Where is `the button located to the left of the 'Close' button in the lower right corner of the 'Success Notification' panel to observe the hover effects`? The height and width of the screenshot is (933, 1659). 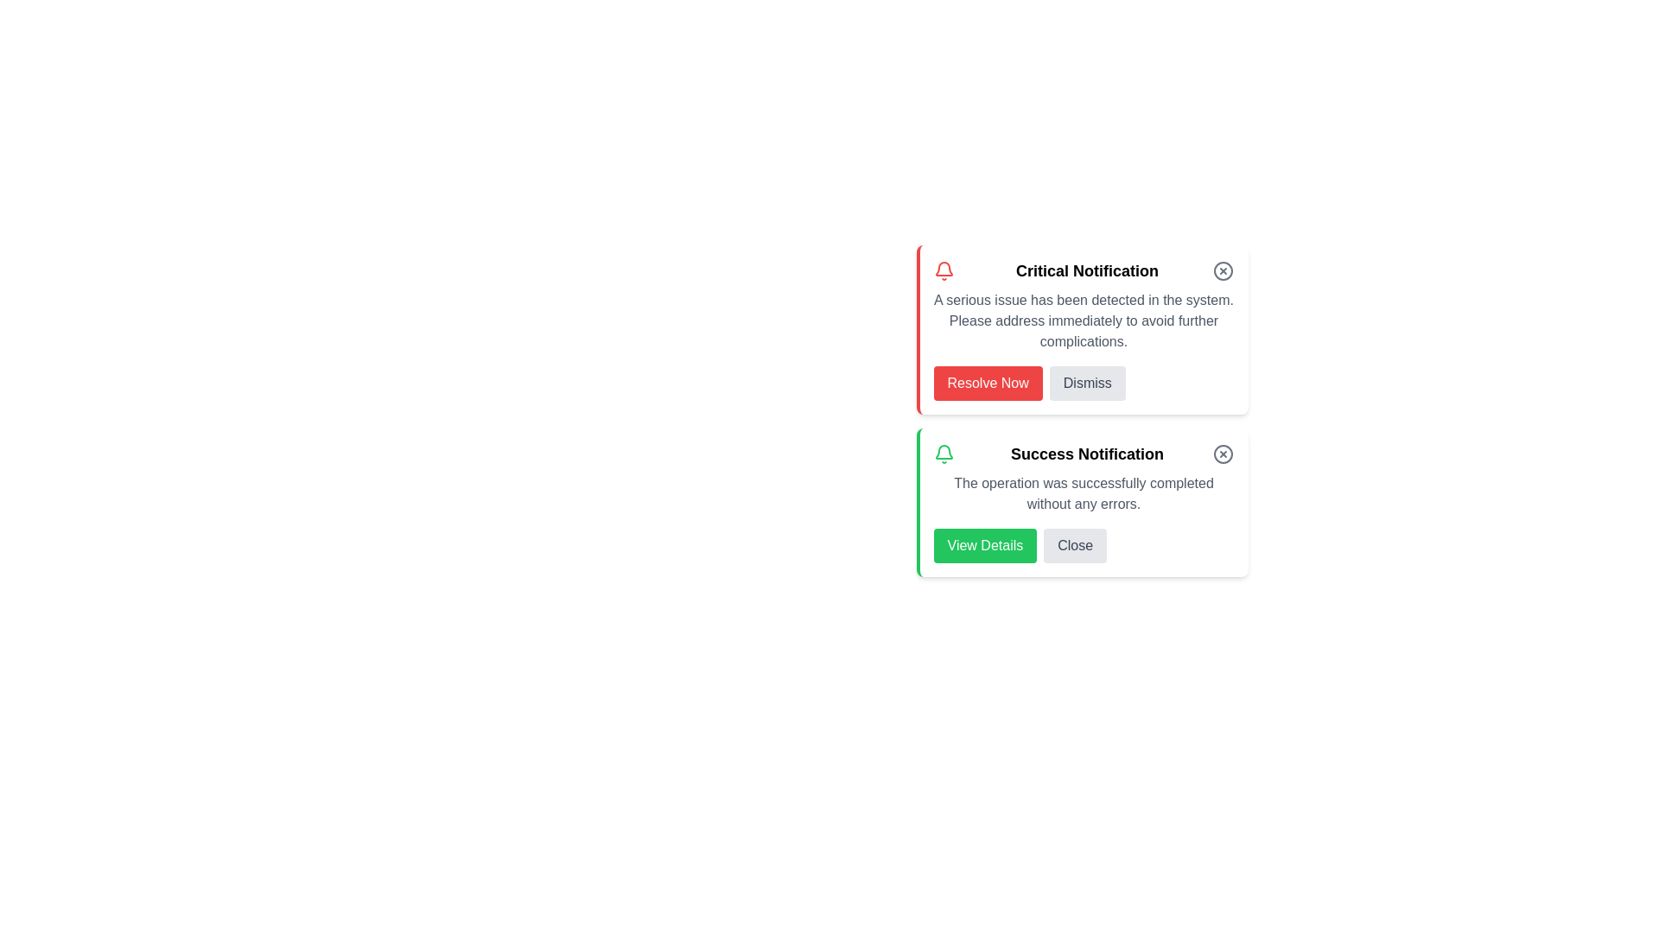
the button located to the left of the 'Close' button in the lower right corner of the 'Success Notification' panel to observe the hover effects is located at coordinates (985, 546).